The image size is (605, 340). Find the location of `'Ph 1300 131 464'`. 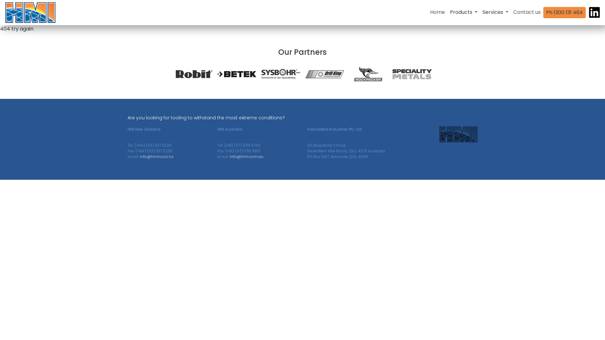

'Ph 1300 131 464' is located at coordinates (564, 12).